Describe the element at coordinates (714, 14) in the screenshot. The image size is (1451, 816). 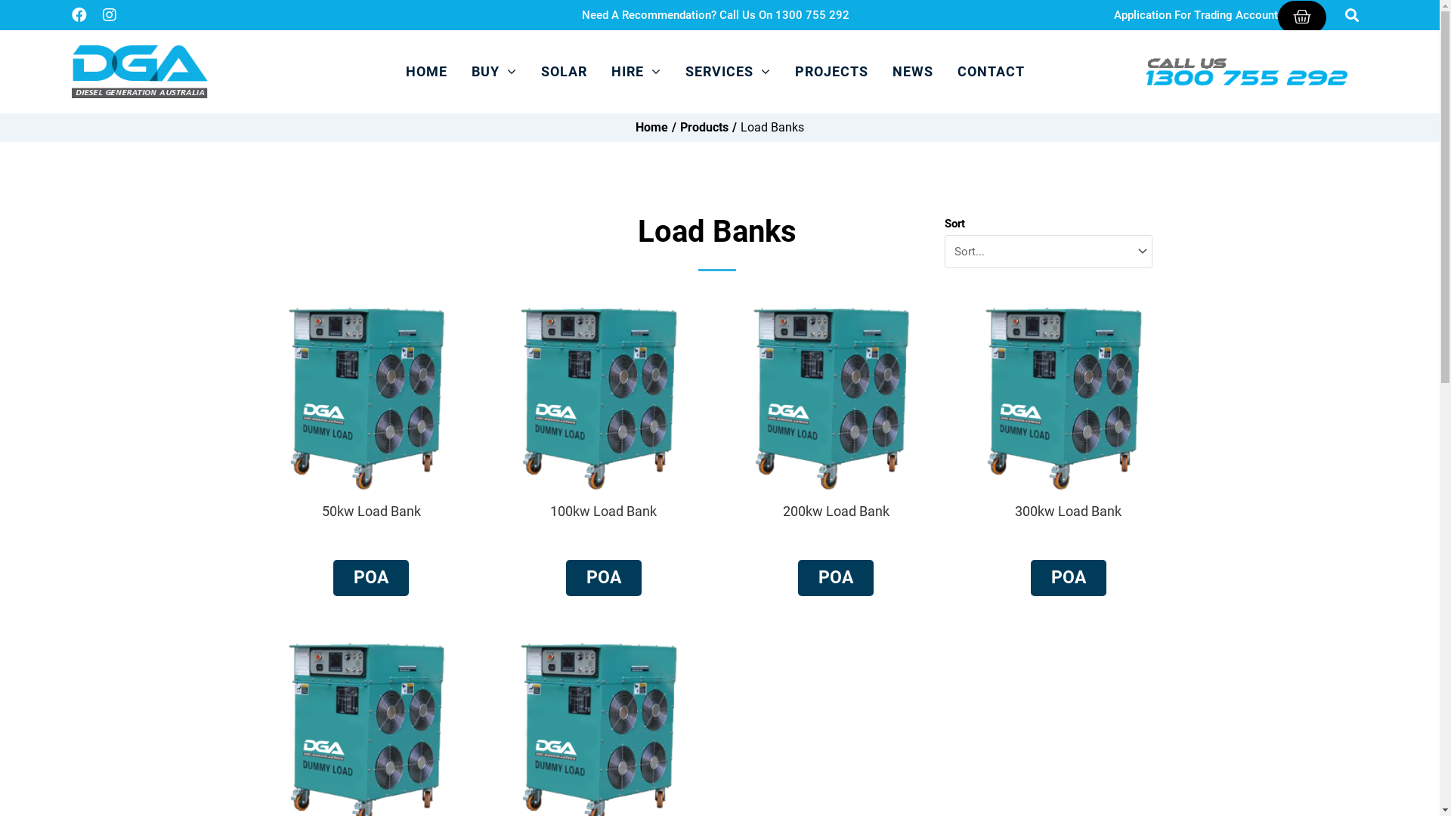
I see `'Need A Recommendation? Call Us On 1300 755 292'` at that location.